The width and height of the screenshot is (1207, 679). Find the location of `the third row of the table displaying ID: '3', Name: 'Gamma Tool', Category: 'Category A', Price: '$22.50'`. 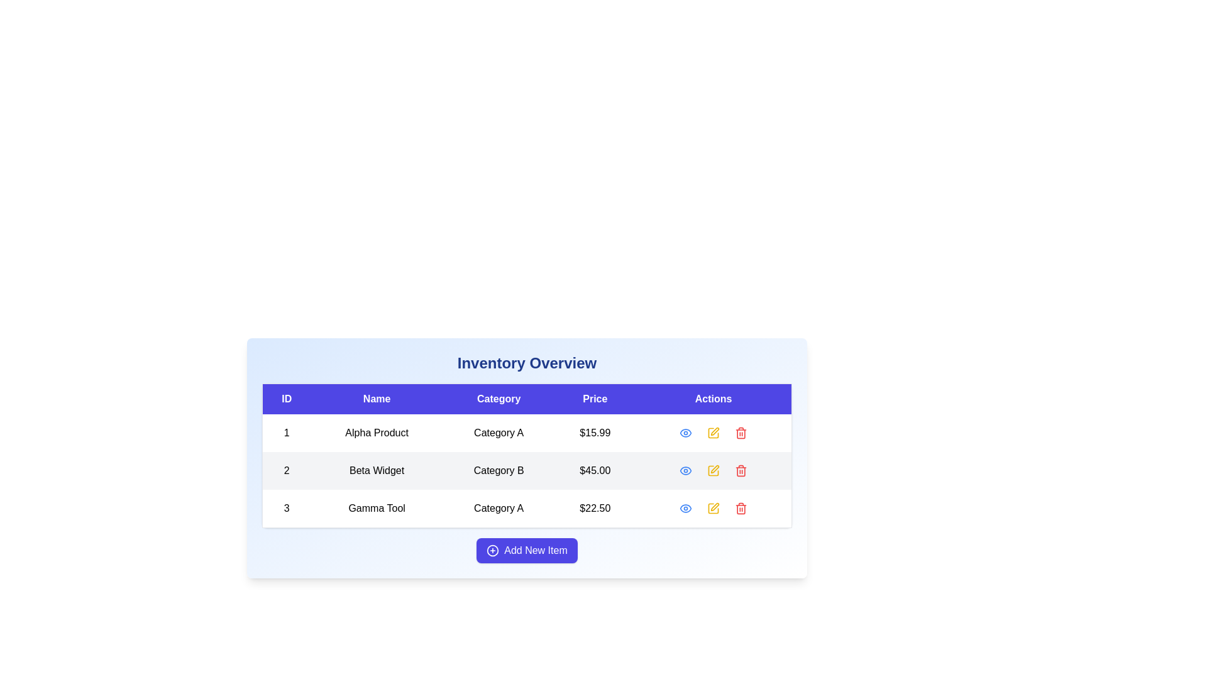

the third row of the table displaying ID: '3', Name: 'Gamma Tool', Category: 'Category A', Price: '$22.50' is located at coordinates (527, 508).